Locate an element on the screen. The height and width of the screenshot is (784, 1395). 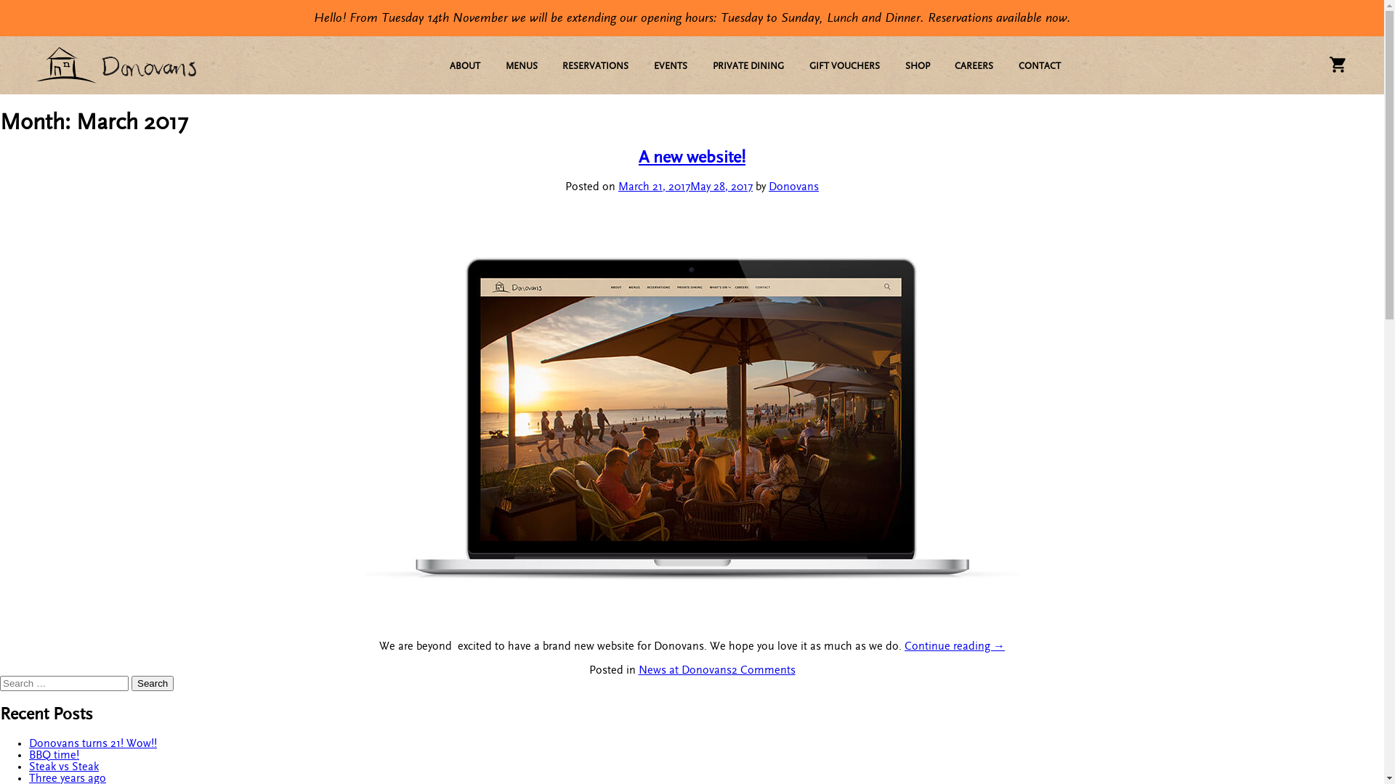
'EVENTS' is located at coordinates (669, 66).